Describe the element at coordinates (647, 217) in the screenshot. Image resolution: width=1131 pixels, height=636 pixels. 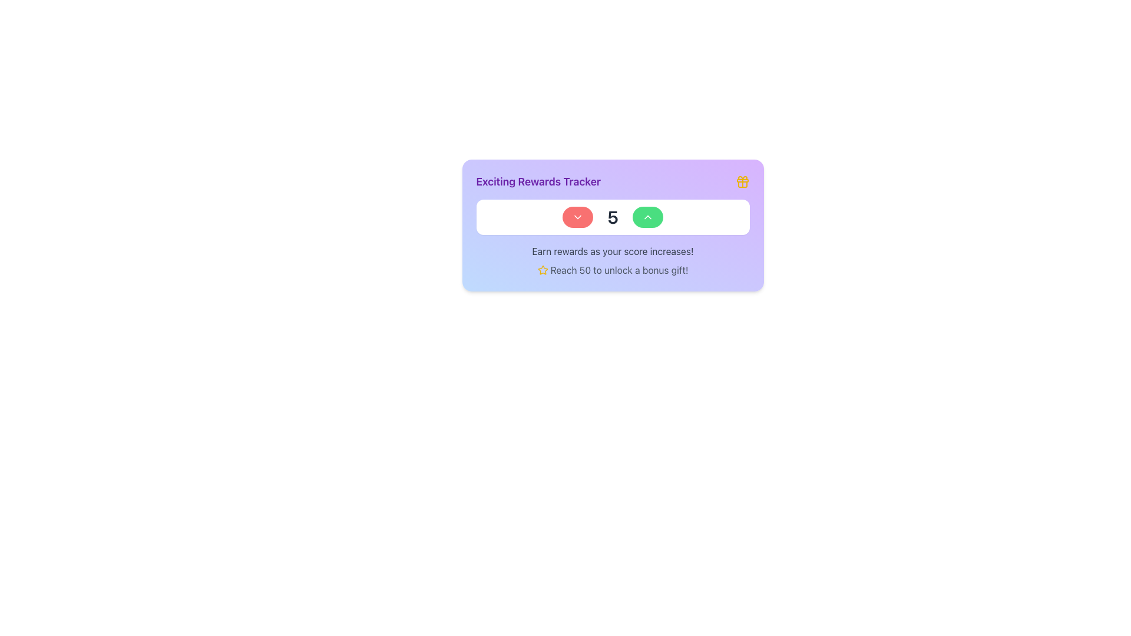
I see `the icon button located inside a green rounded rectangle to the right of the numeric value '5' in the rewards tracker interface to increment the value` at that location.